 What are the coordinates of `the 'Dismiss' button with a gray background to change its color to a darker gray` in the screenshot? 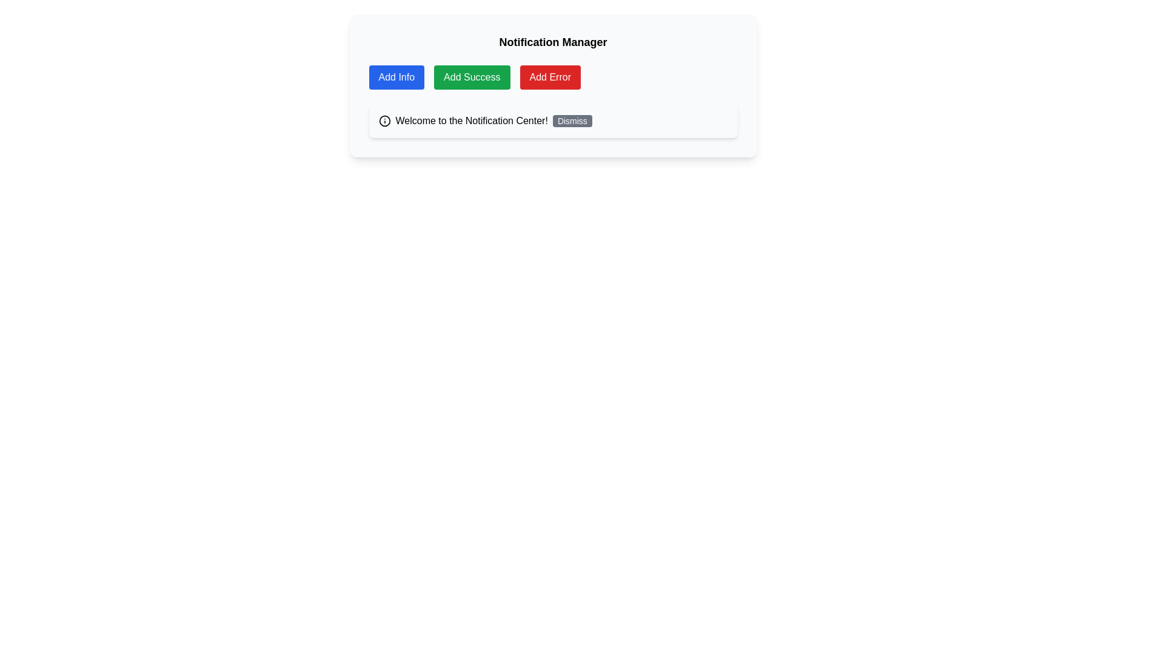 It's located at (572, 121).